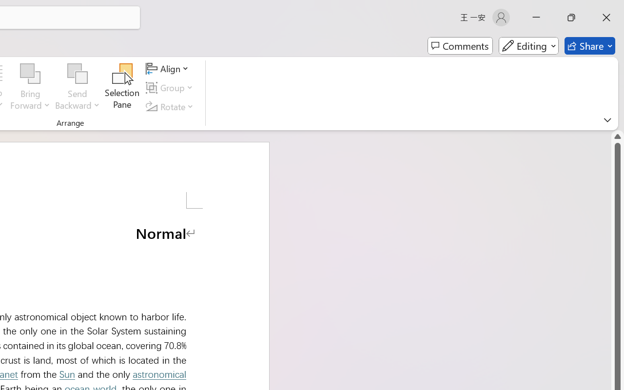 This screenshot has height=390, width=624. What do you see at coordinates (122, 87) in the screenshot?
I see `'Selection Pane...'` at bounding box center [122, 87].